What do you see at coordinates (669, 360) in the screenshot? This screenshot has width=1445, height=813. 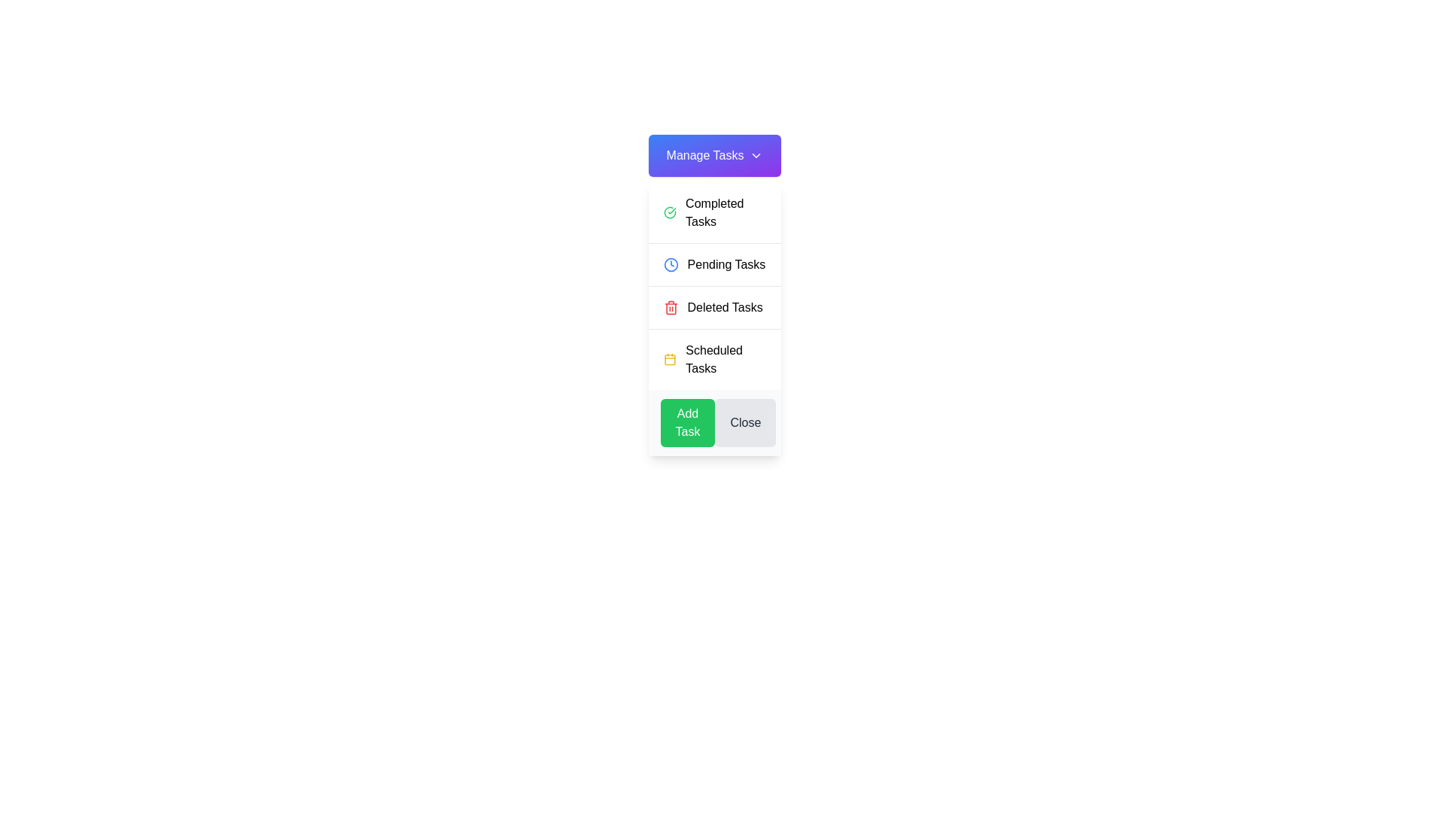 I see `the decorative background graphic within the calendar icon in the 'Scheduled Tasks' dropdown menu` at bounding box center [669, 360].